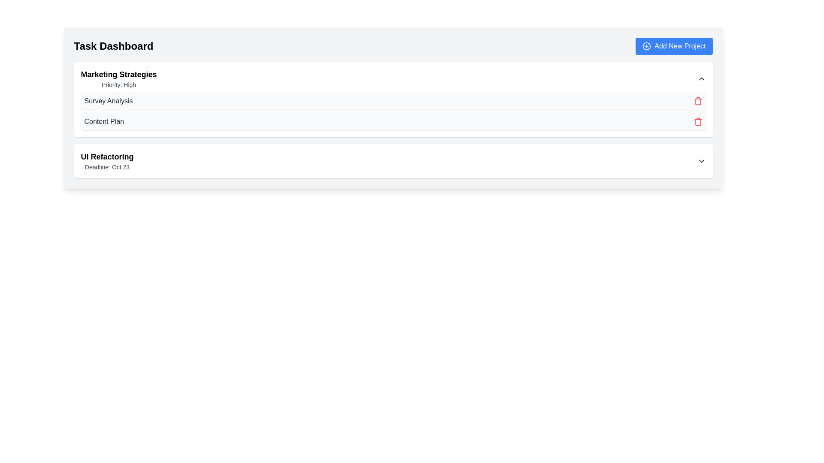 The height and width of the screenshot is (463, 824). Describe the element at coordinates (106, 161) in the screenshot. I see `displayed text of the task item label showing 'UI Refactoring' and its deadline 'Oct 23', located under the 'Marketing Strategies' section` at that location.